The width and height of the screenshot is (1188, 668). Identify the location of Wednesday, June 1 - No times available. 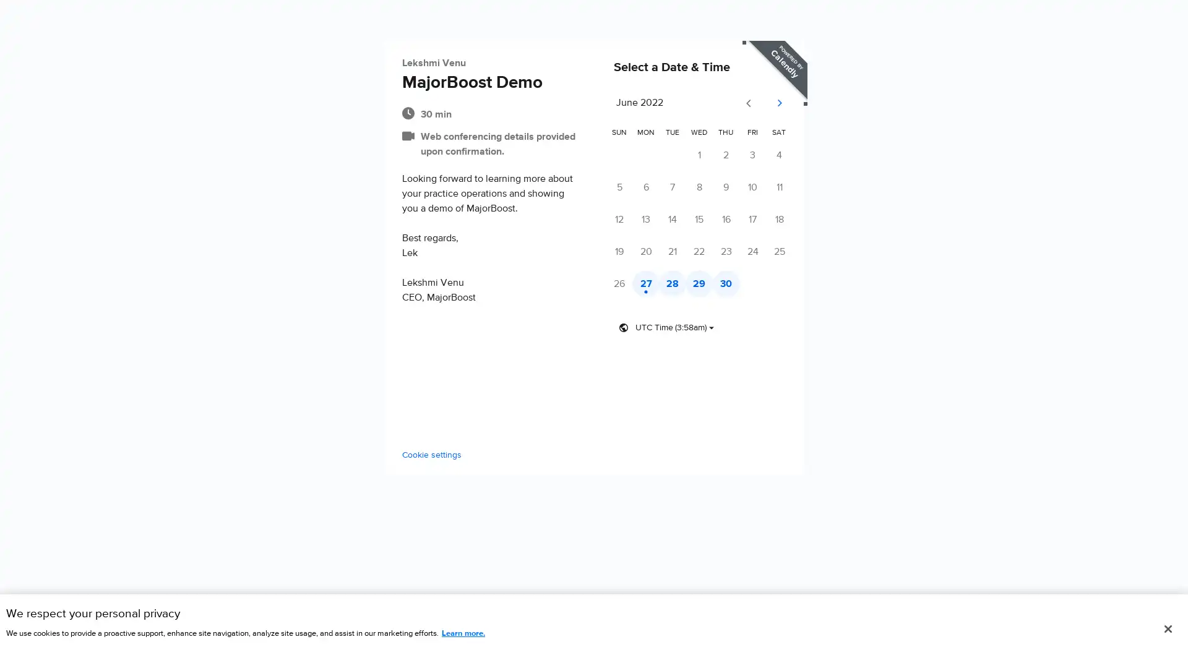
(717, 155).